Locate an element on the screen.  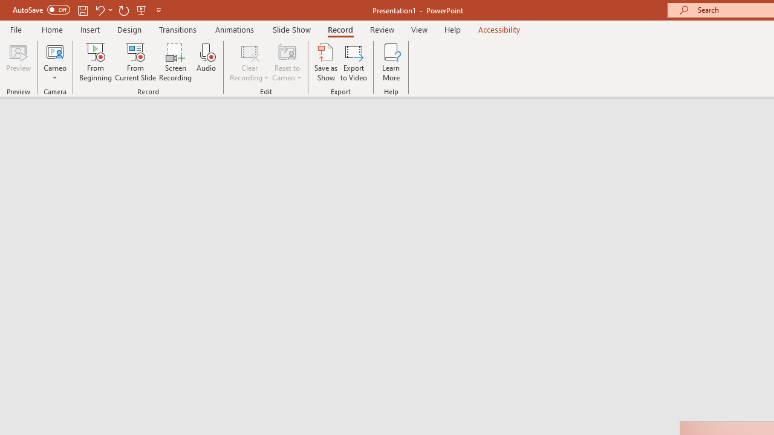
'Screen Recording' is located at coordinates (175, 62).